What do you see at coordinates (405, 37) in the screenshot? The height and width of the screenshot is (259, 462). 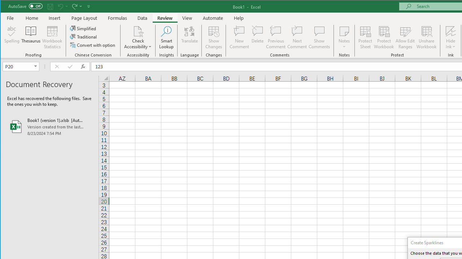 I see `'Allow Edit Ranges'` at bounding box center [405, 37].